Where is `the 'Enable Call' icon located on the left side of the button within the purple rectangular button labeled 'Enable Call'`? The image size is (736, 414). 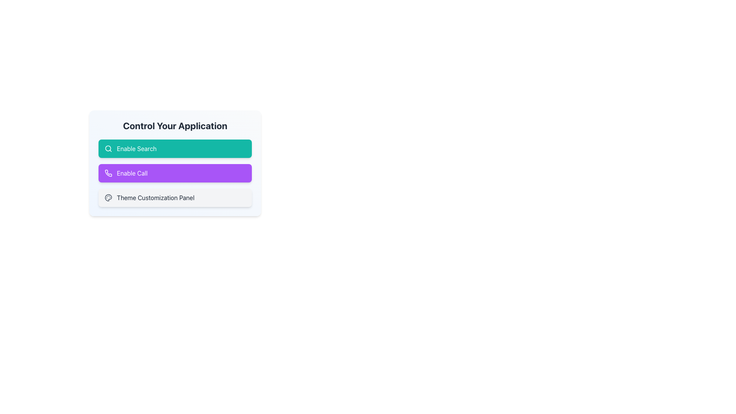
the 'Enable Call' icon located on the left side of the button within the purple rectangular button labeled 'Enable Call' is located at coordinates (108, 173).